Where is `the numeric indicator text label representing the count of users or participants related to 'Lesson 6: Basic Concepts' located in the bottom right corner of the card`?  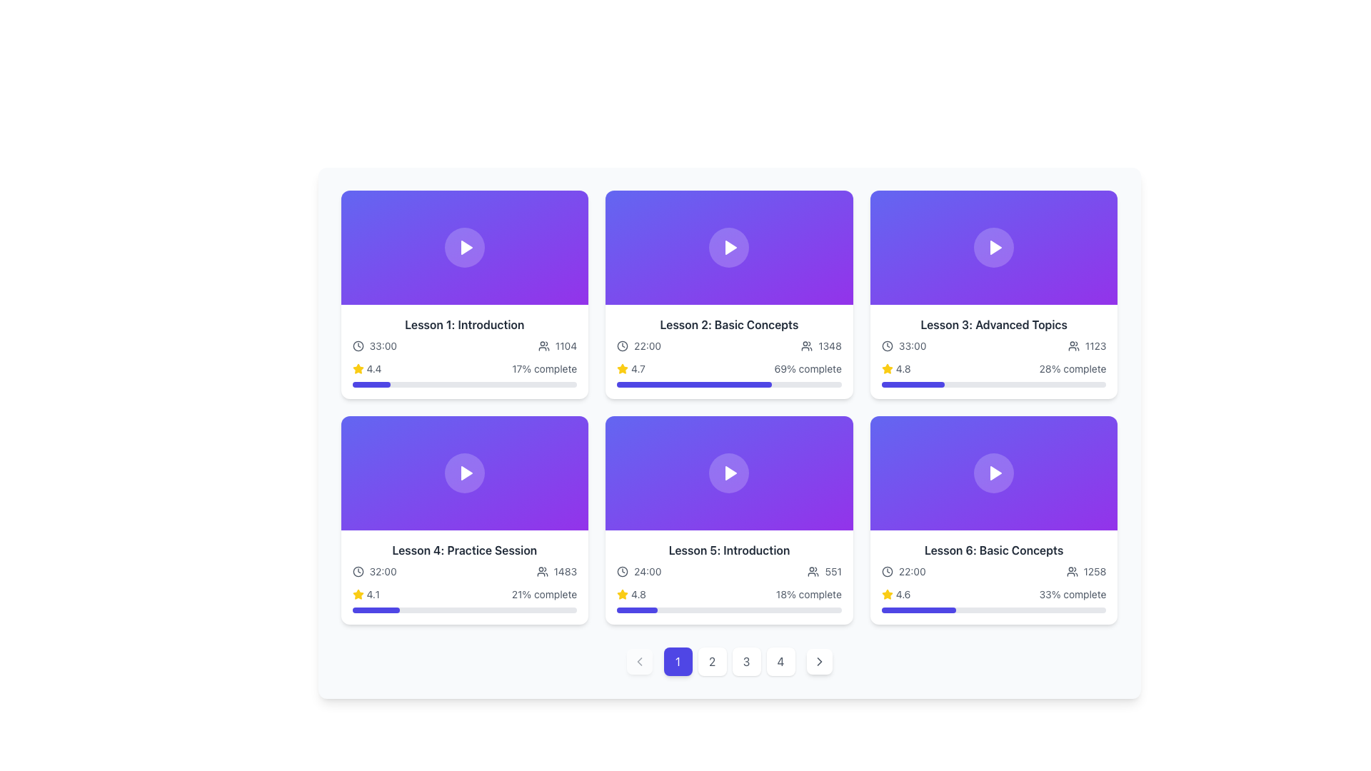
the numeric indicator text label representing the count of users or participants related to 'Lesson 6: Basic Concepts' located in the bottom right corner of the card is located at coordinates (1094, 571).